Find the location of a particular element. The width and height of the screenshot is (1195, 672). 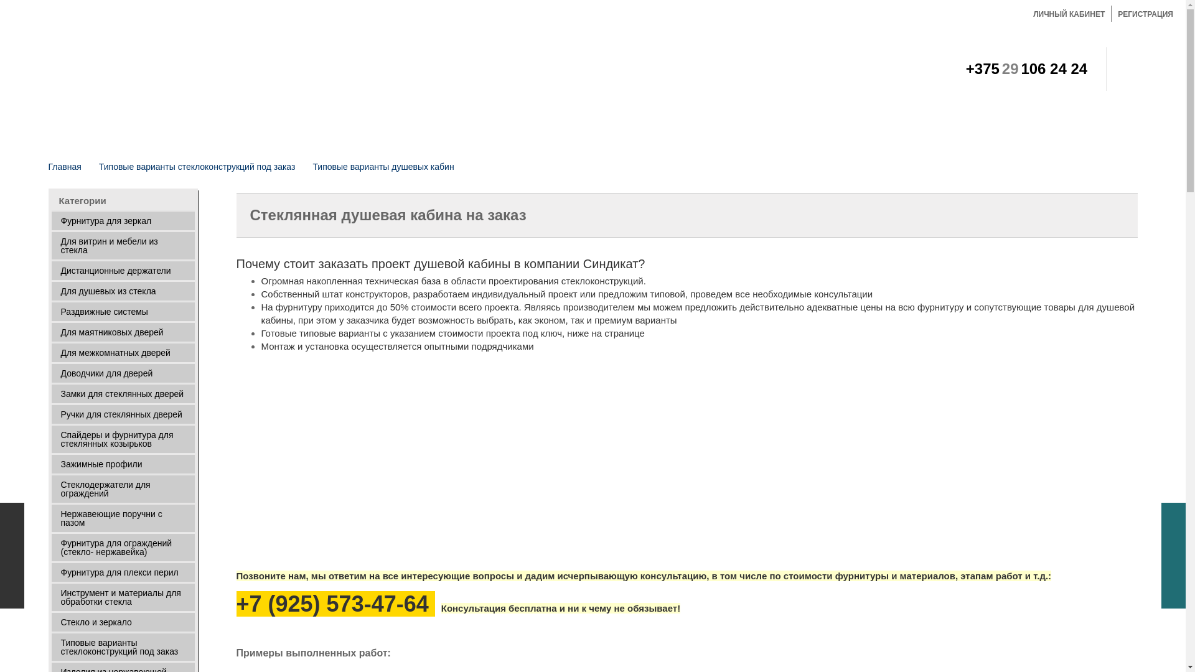

'+375 29 106 24 24' is located at coordinates (965, 71).